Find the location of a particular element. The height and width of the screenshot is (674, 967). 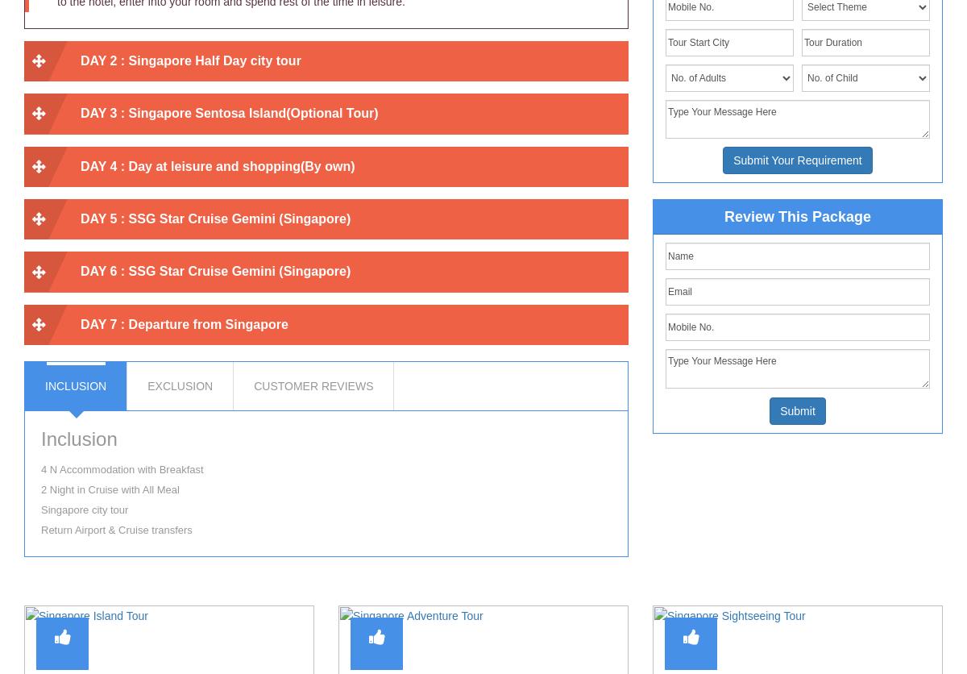

'2 Night in Cruise with All Meal' is located at coordinates (110, 489).